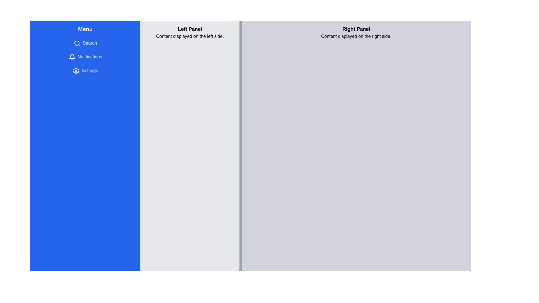  What do you see at coordinates (72, 57) in the screenshot?
I see `the bell icon located within the 'Notifications' button in the left sidebar menu to interact with notifications` at bounding box center [72, 57].